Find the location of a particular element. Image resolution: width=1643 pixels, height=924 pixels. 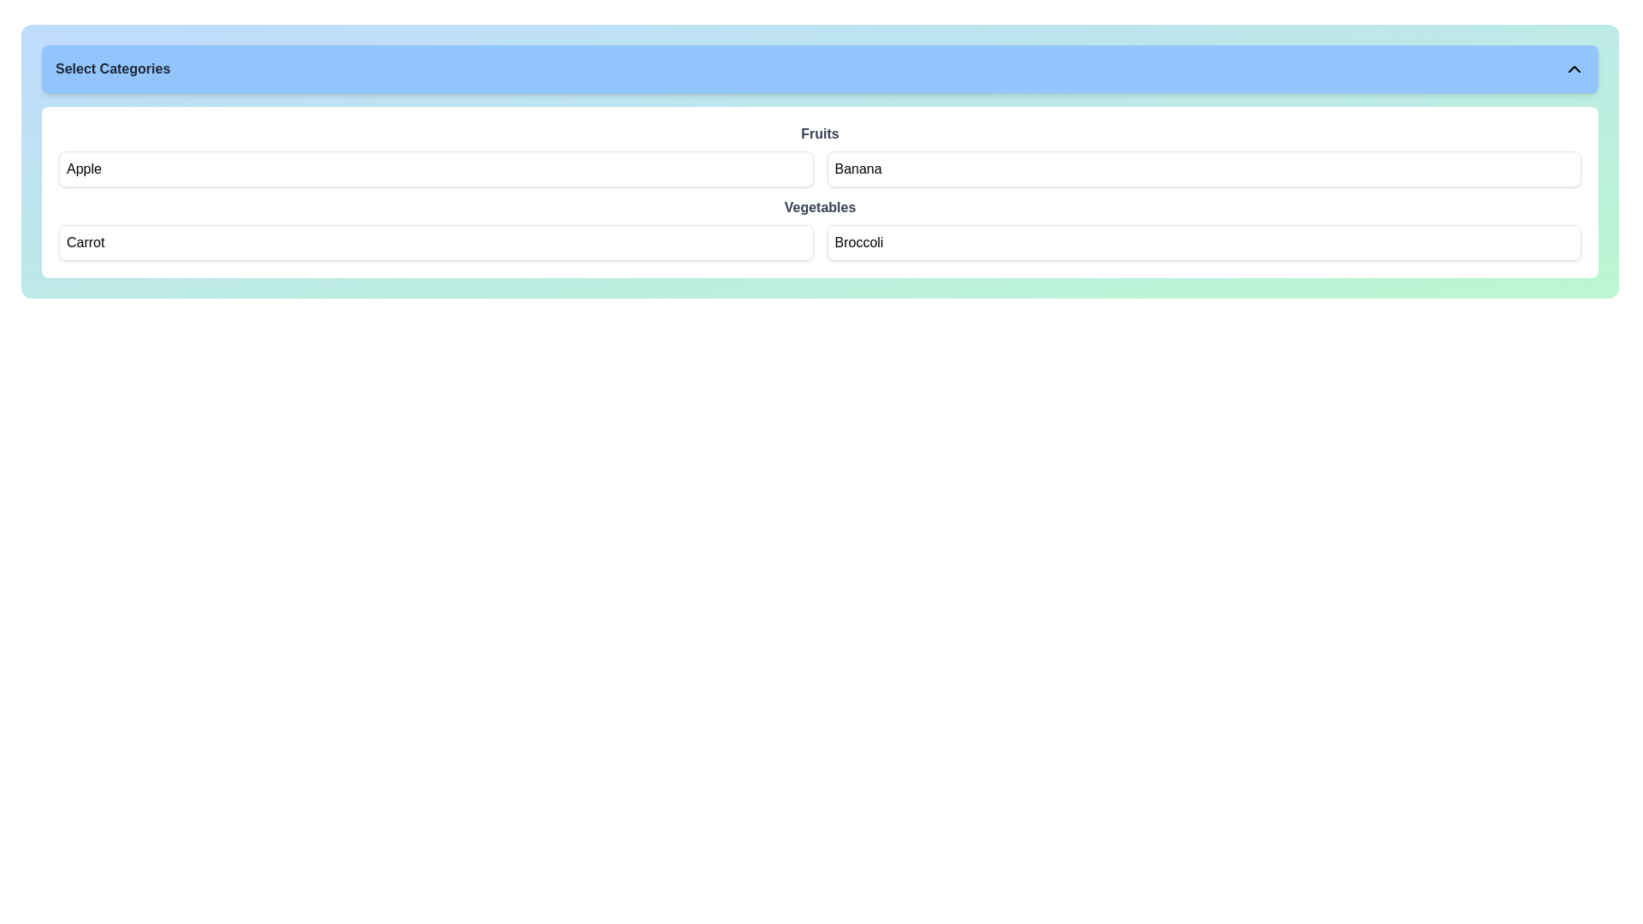

the grid layout containing selectable items for the 'Fruits' category is located at coordinates (819, 169).